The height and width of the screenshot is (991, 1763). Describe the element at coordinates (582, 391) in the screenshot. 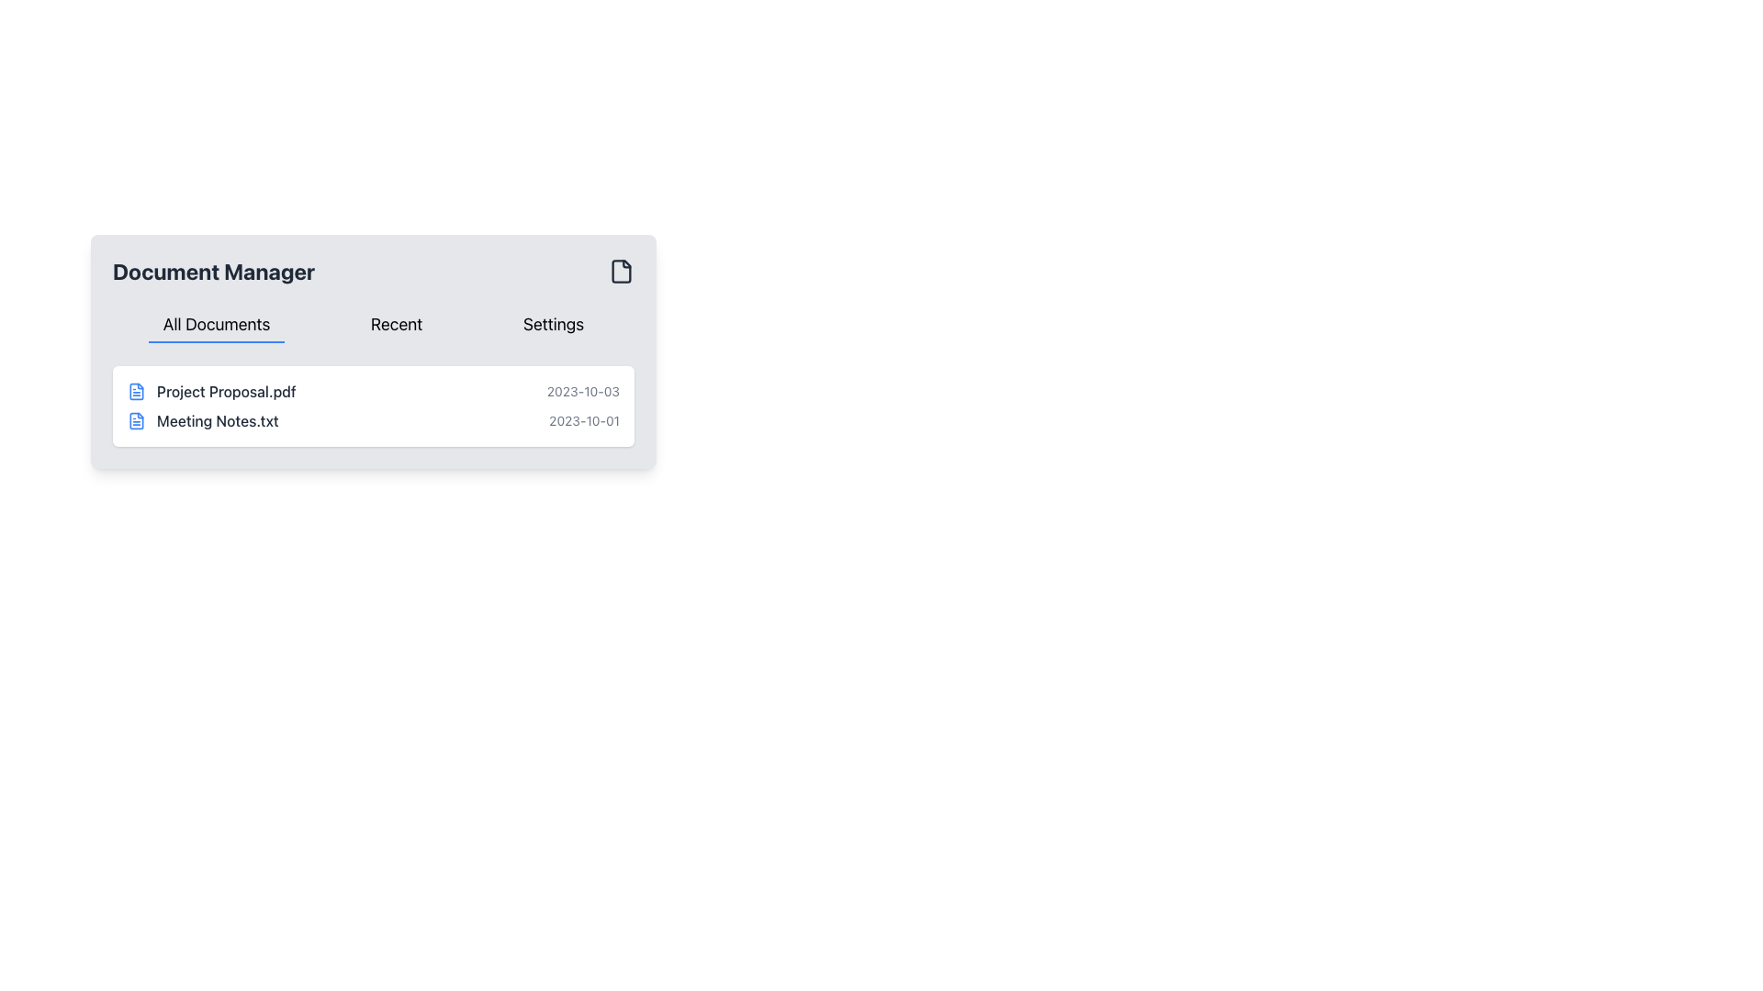

I see `the date indicator text located to the far-right of the 'Project Proposal.pdf' row` at that location.